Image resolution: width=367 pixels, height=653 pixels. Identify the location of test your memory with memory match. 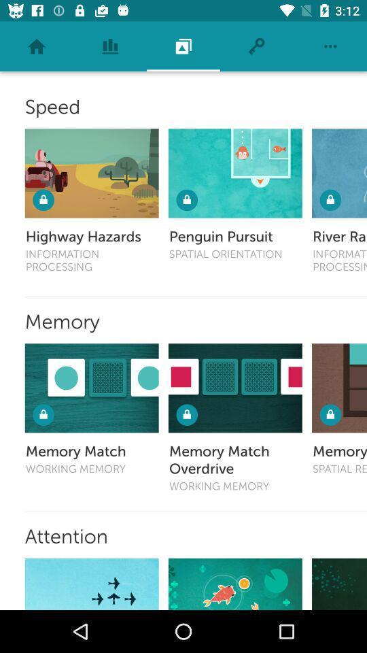
(92, 388).